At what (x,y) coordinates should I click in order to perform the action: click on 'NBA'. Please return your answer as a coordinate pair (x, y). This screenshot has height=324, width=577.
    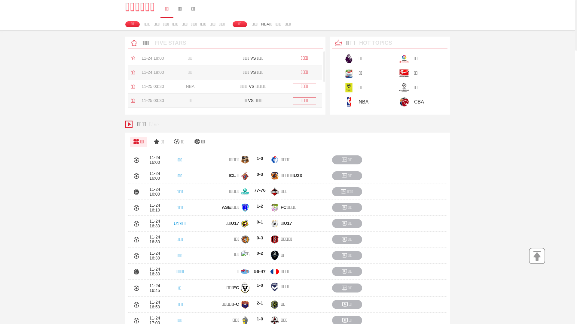
    Looking at the image, I should click on (359, 101).